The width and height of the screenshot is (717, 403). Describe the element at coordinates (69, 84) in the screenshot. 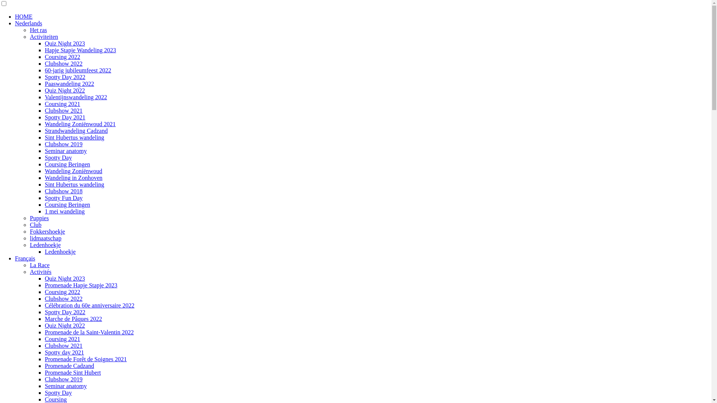

I see `'Paaswandeling 2022'` at that location.